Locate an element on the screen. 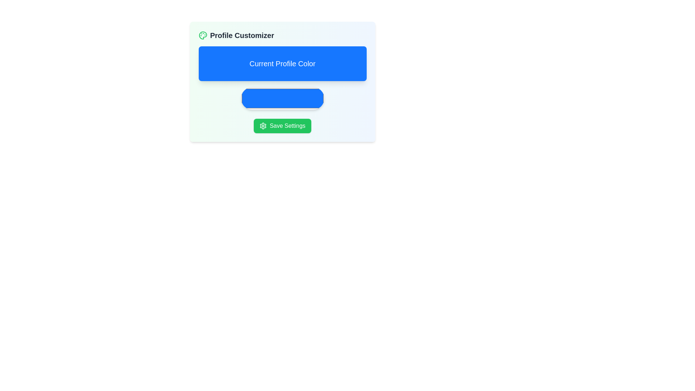 This screenshot has width=695, height=391. the Icon representing the artistic configuration or customization option, located to the left of the 'Profile Customizer' text in the header section is located at coordinates (203, 35).